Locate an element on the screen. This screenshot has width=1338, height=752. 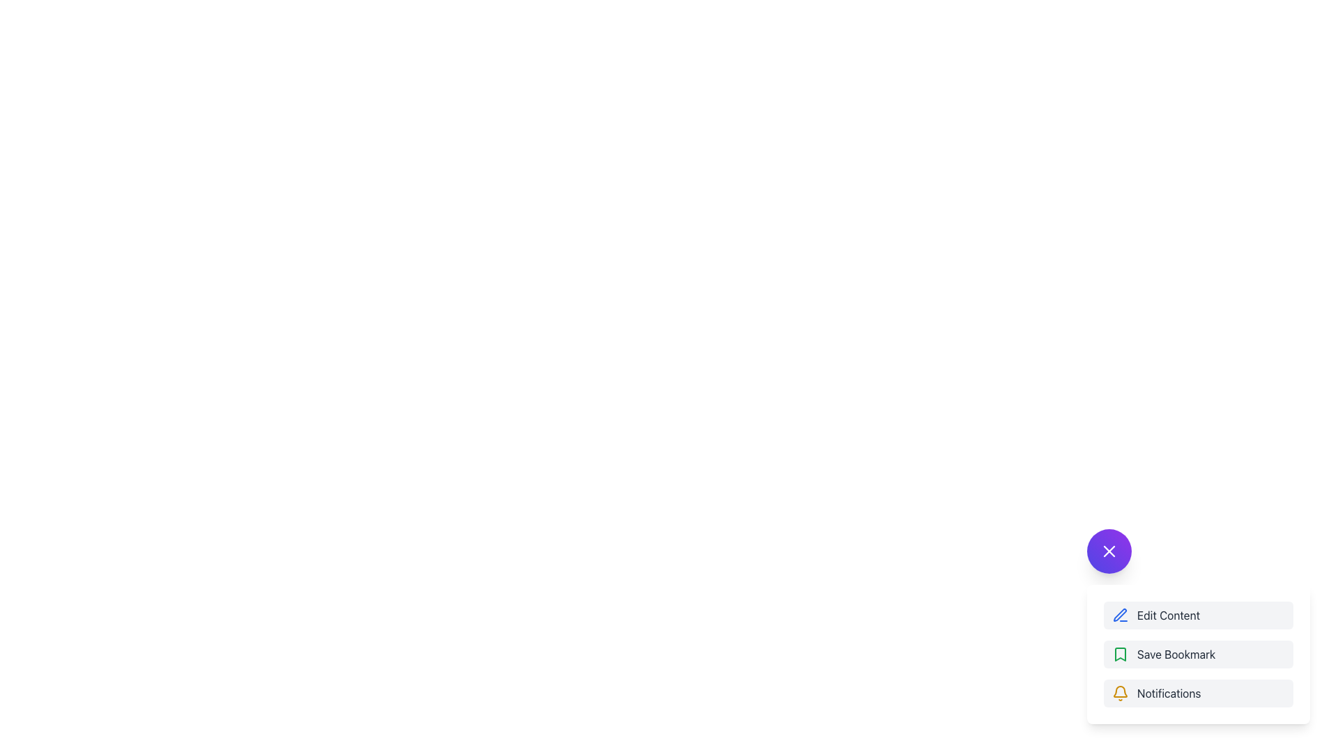
the 'X' icon located inside a circular button with a purple gradient background in the bottom-right region of the interface is located at coordinates (1109, 550).